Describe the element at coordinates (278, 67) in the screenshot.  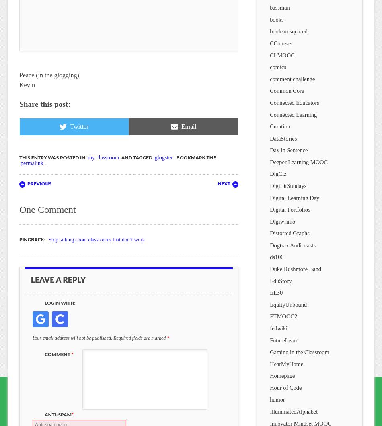
I see `'comics'` at that location.